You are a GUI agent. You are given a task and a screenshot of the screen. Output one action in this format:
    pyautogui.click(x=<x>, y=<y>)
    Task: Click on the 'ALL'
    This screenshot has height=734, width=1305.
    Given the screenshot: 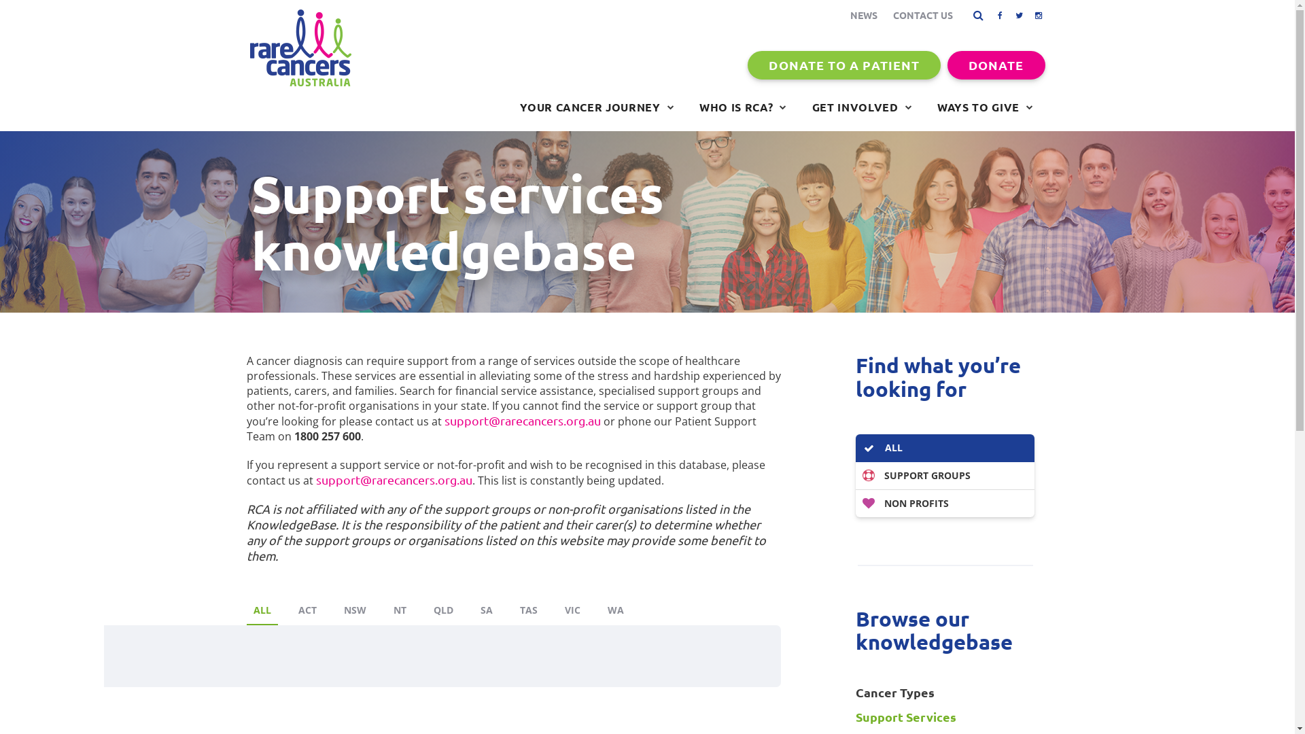 What is the action you would take?
    pyautogui.click(x=944, y=448)
    